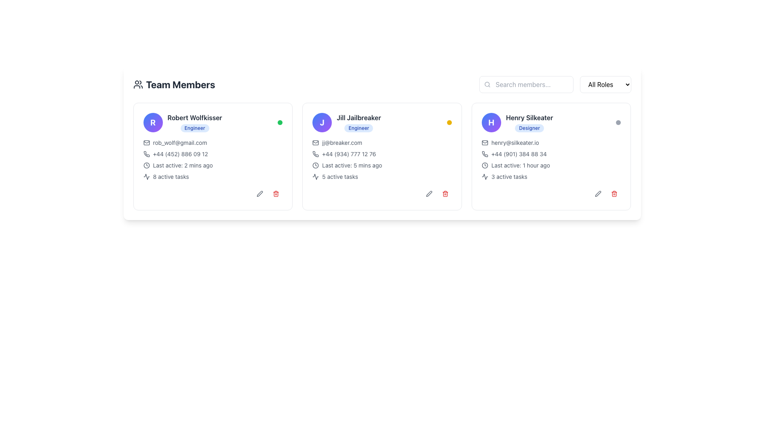 This screenshot has width=776, height=437. What do you see at coordinates (346, 123) in the screenshot?
I see `user's name and designation displayed on the label with badge, located in the middle of the row of three cards, specifically part of the second card, directly below the avatar icon` at bounding box center [346, 123].